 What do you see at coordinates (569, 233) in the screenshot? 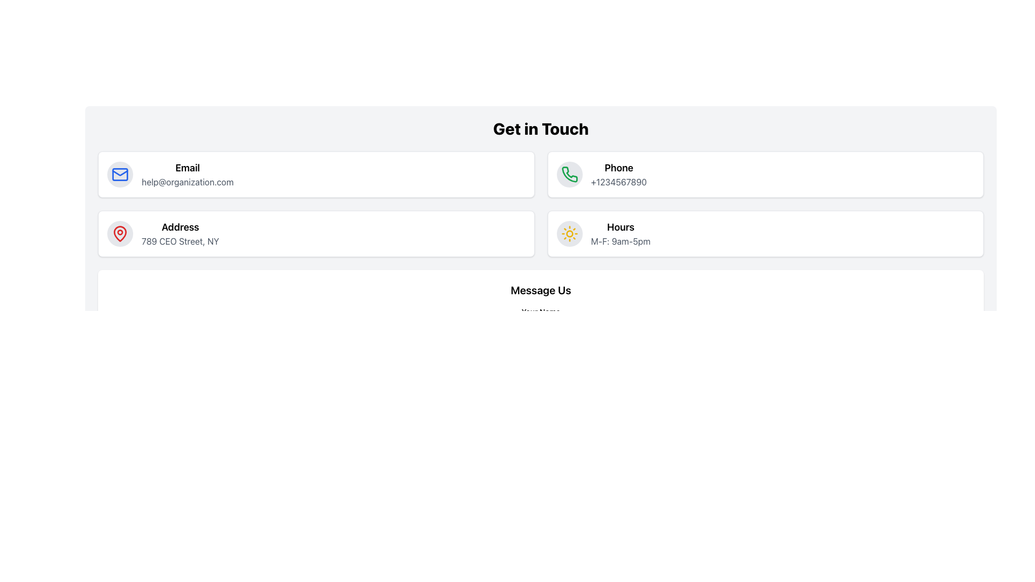
I see `the leftmost circular button in the 'Hours' box, which represents office hours, located near the text 'Hours M-F: 9am-5pm.'` at bounding box center [569, 233].